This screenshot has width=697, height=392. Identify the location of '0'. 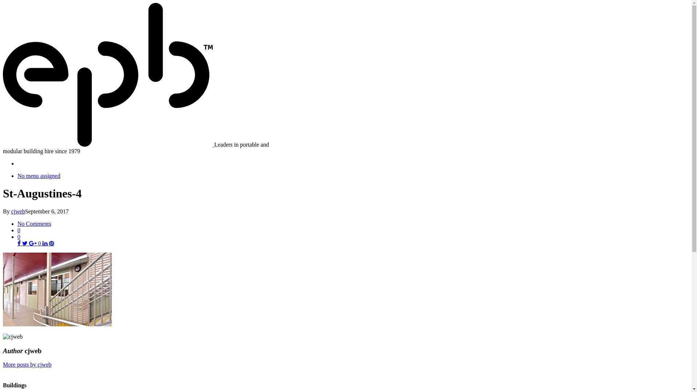
(34, 243).